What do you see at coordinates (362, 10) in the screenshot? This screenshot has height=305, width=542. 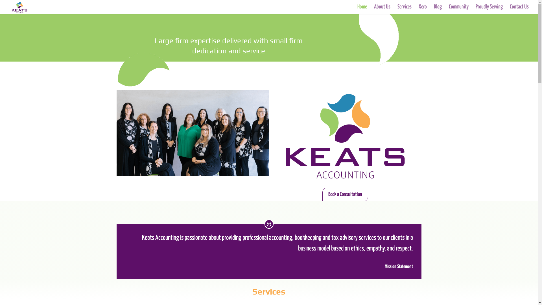 I see `'Home'` at bounding box center [362, 10].